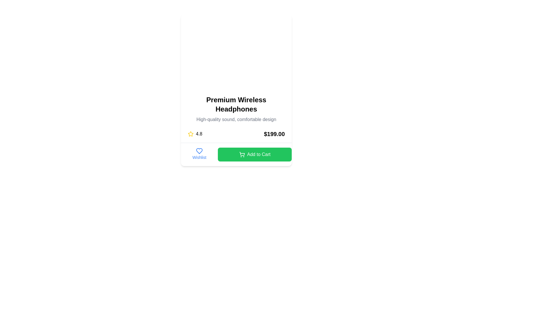 Image resolution: width=554 pixels, height=312 pixels. I want to click on text from the Text block element displaying 'Premium Wireless Headphones' and its subtitle 'High-quality sound, comfortable design', so click(236, 109).